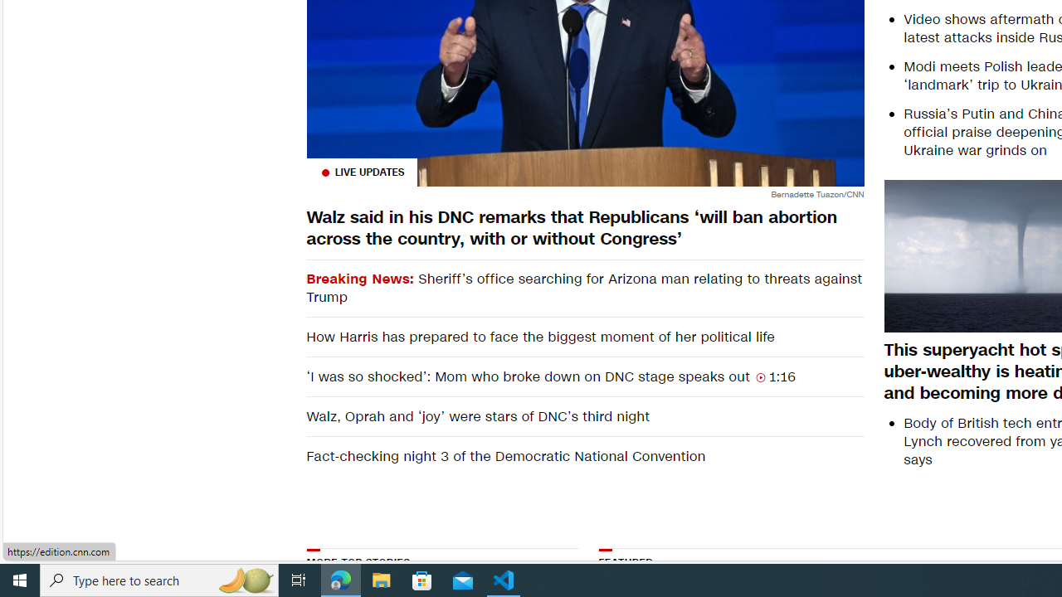 The image size is (1062, 597). I want to click on 'Fact-checking night 3 of the Democratic National Convention', so click(585, 456).